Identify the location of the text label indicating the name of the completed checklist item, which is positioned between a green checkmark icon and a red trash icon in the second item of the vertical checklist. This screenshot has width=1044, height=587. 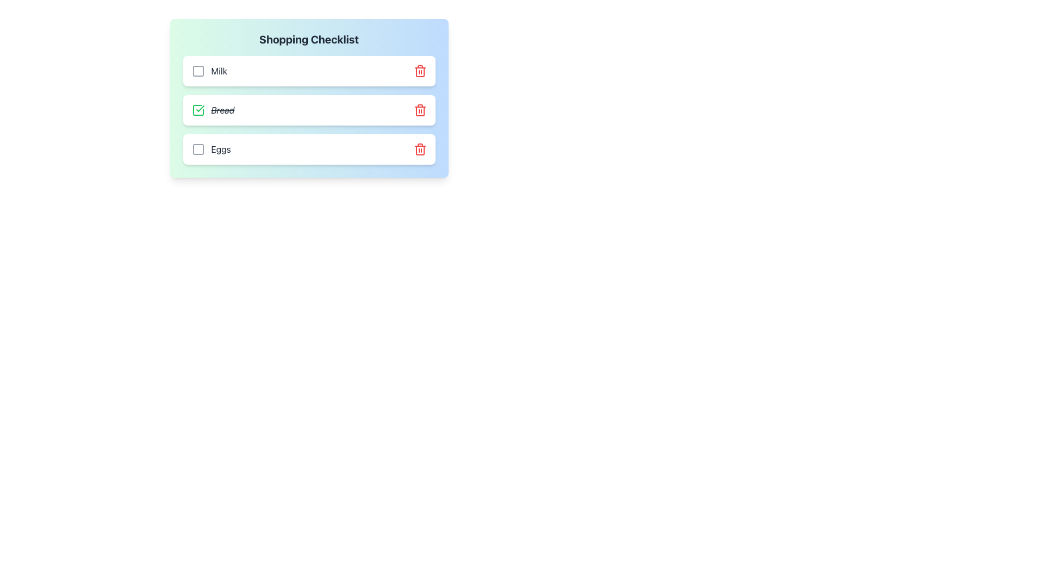
(222, 110).